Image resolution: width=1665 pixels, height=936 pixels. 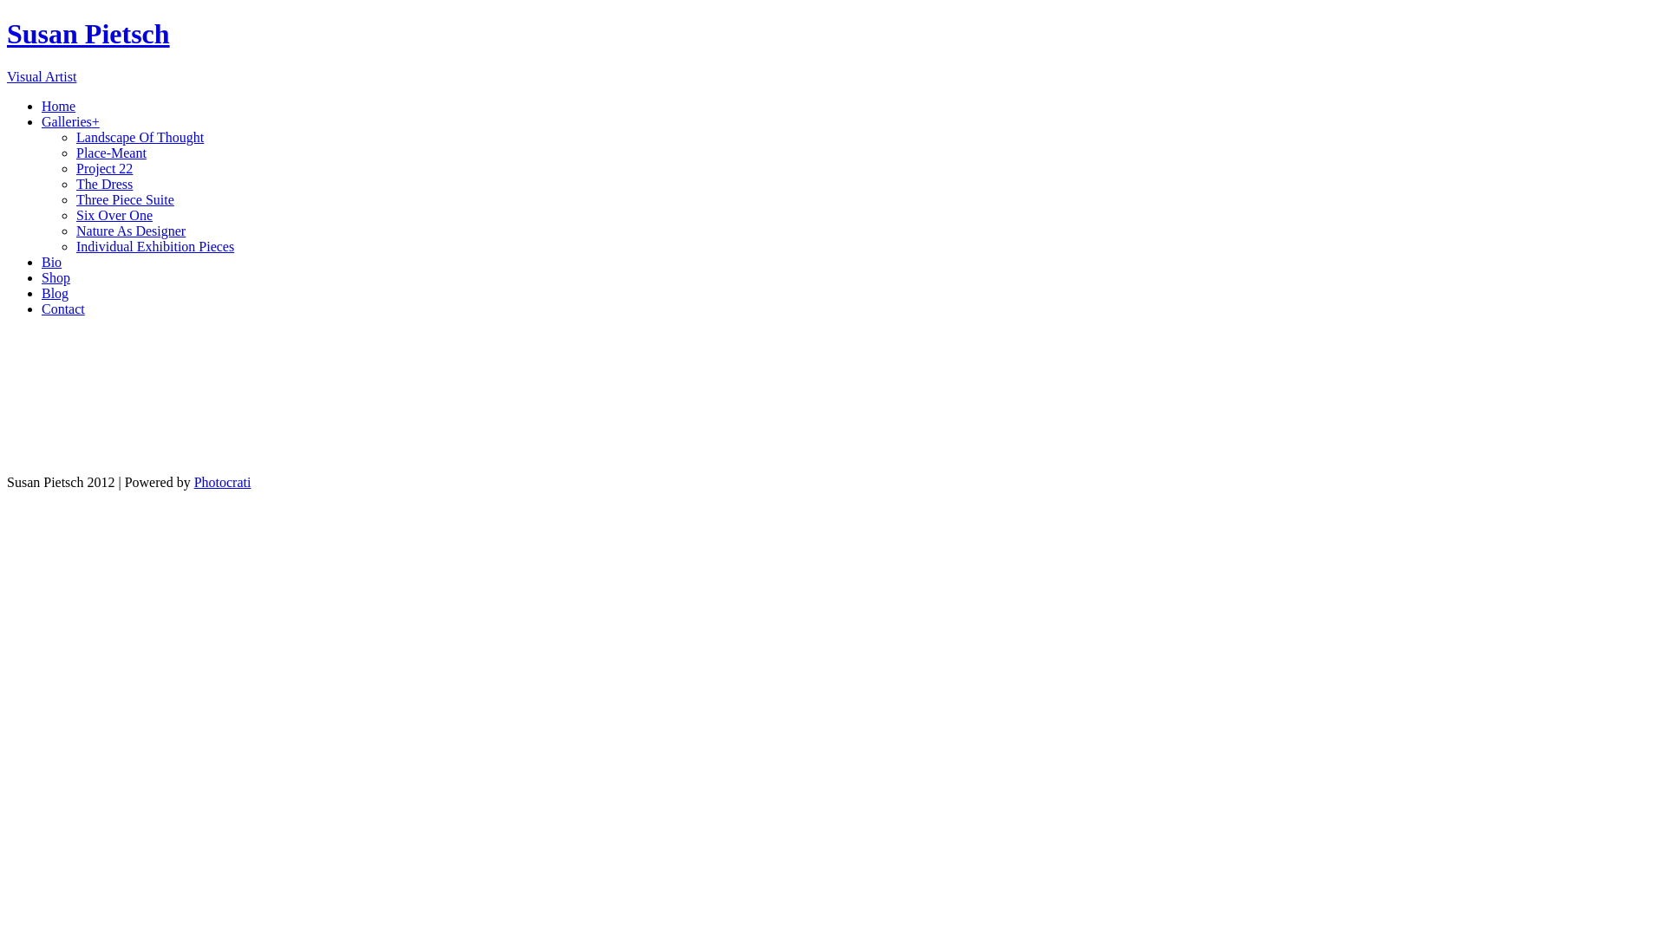 I want to click on 'Home', so click(x=58, y=106).